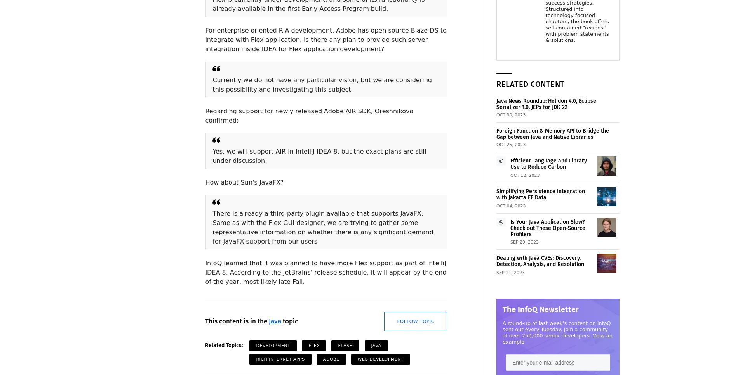 The width and height of the screenshot is (738, 375). What do you see at coordinates (322, 329) in the screenshot?
I see `'Followers: 1'` at bounding box center [322, 329].